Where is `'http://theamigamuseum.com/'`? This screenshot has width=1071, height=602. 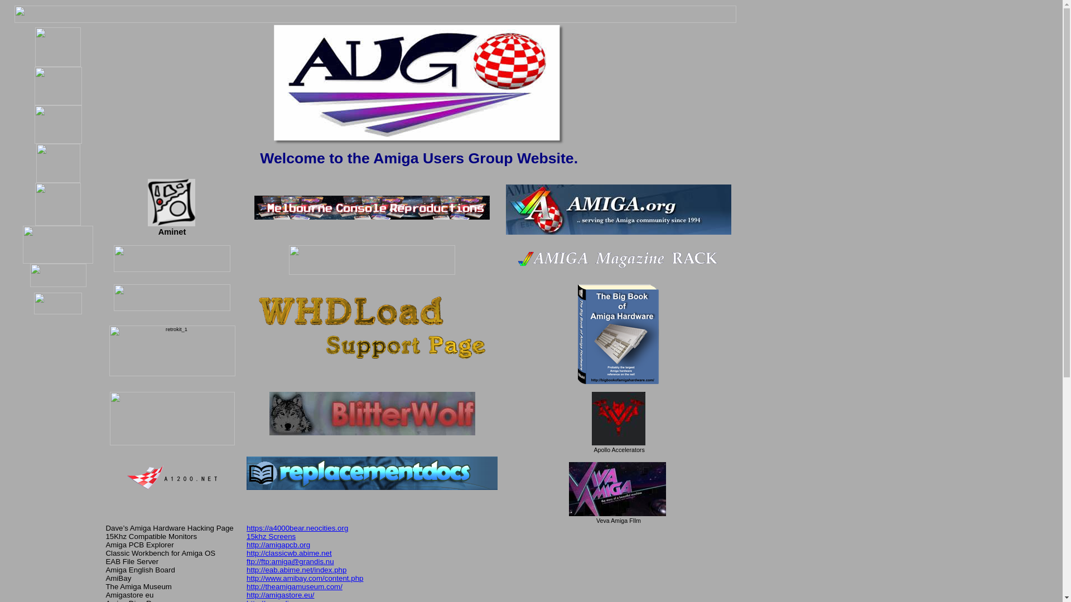 'http://theamigamuseum.com/' is located at coordinates (295, 586).